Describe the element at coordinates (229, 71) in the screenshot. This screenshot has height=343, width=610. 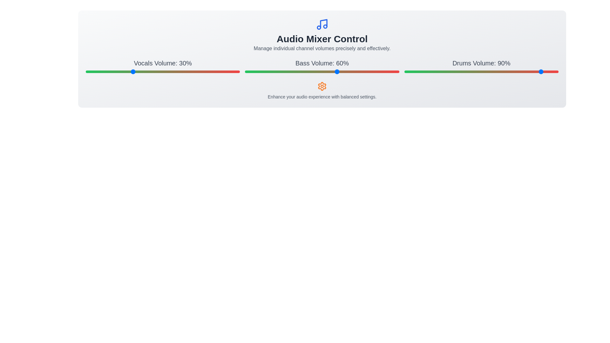
I see `the 'Vocals' volume slider to 93%` at that location.